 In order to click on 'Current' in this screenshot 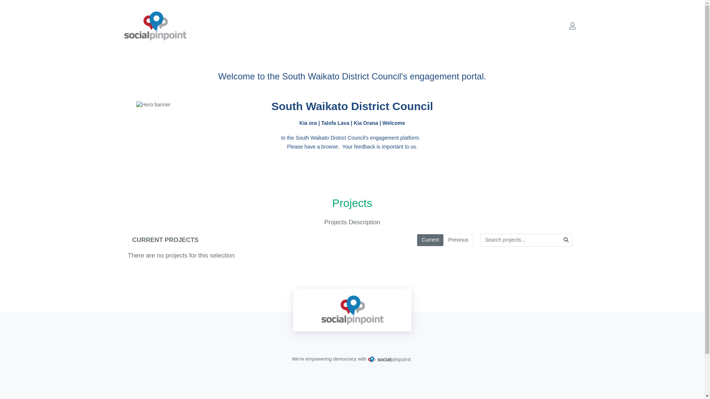, I will do `click(430, 240)`.